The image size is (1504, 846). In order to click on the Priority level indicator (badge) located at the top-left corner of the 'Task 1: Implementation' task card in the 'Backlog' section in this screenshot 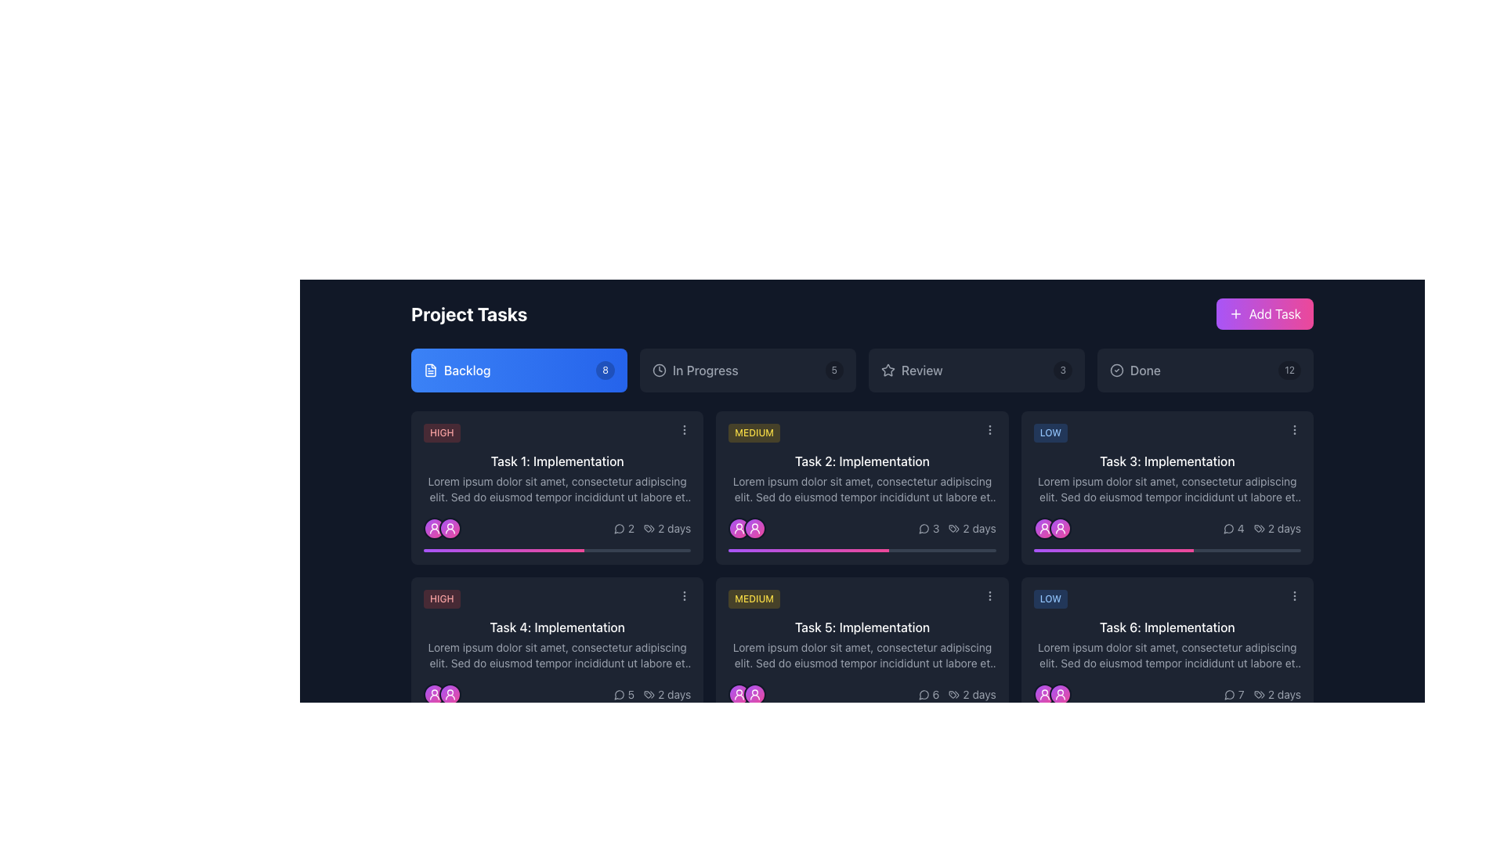, I will do `click(441, 432)`.